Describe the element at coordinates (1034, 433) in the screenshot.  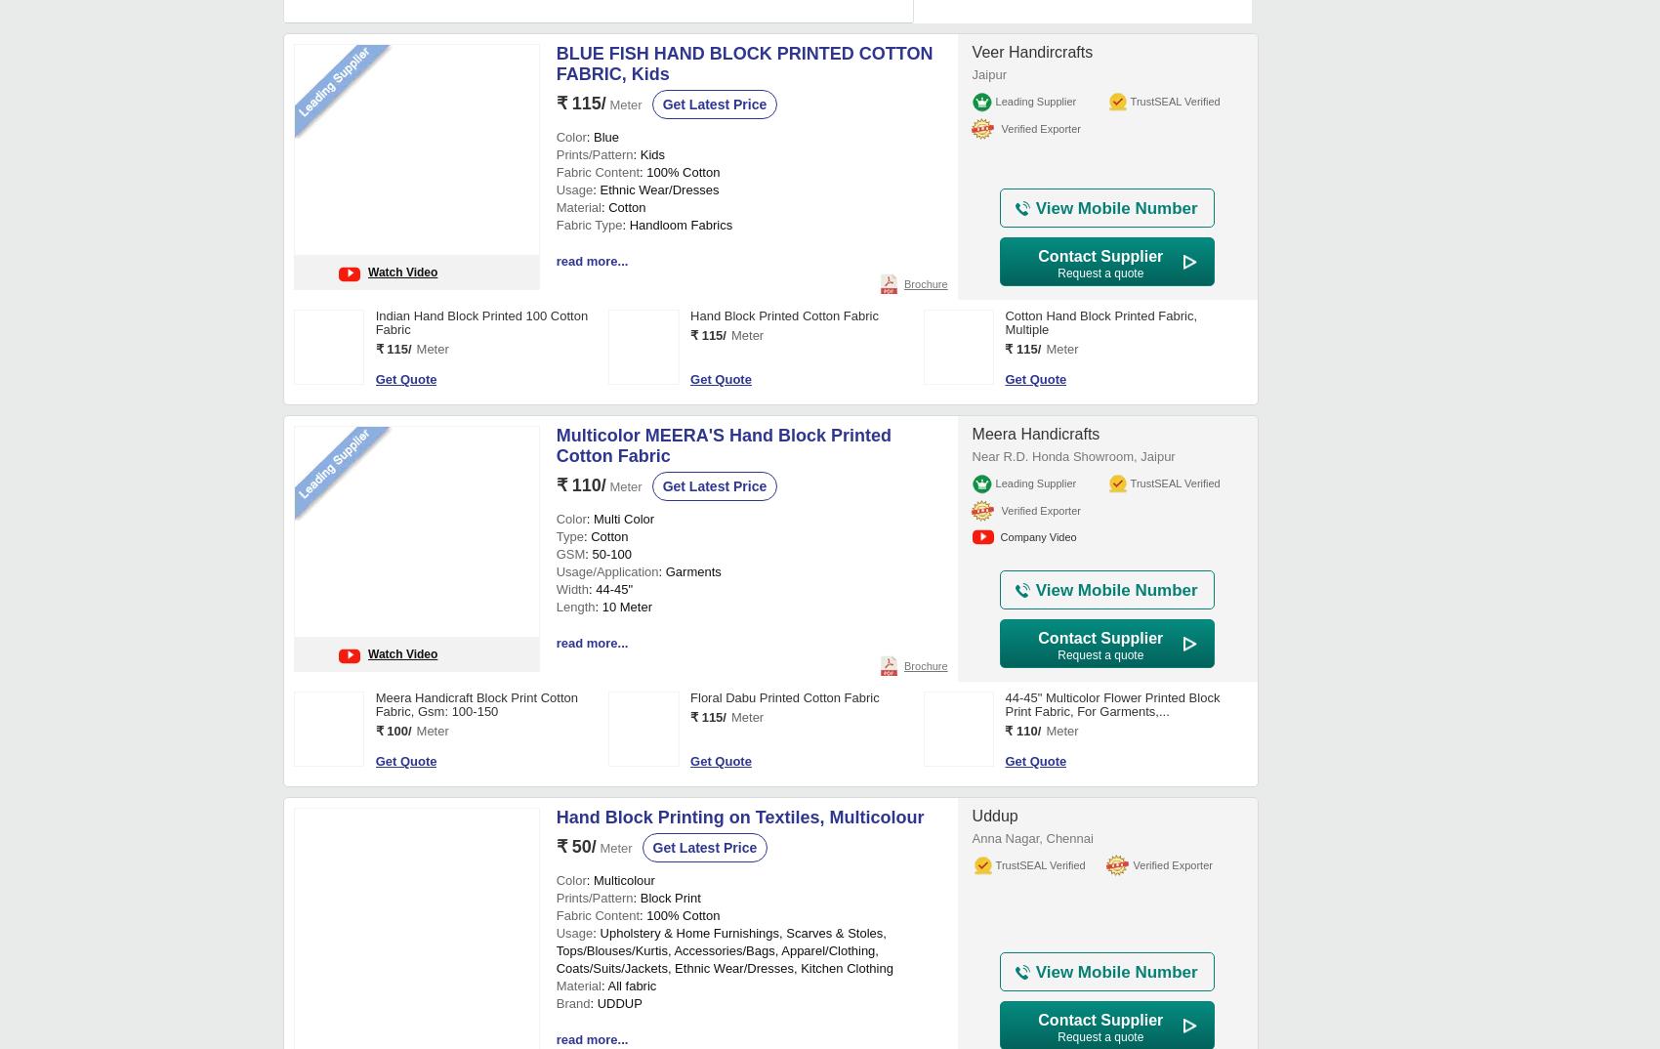
I see `'Meera Handicrafts'` at that location.